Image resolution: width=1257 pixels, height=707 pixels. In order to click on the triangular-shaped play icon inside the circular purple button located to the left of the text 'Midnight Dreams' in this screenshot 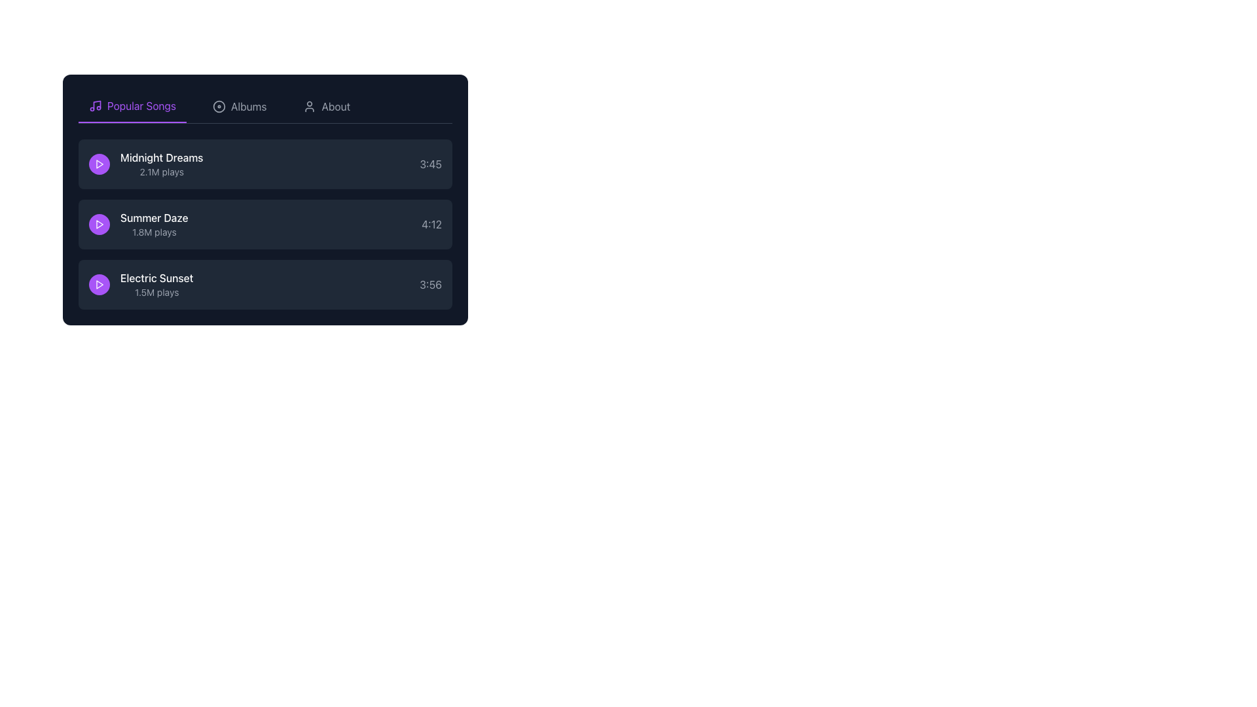, I will do `click(99, 224)`.